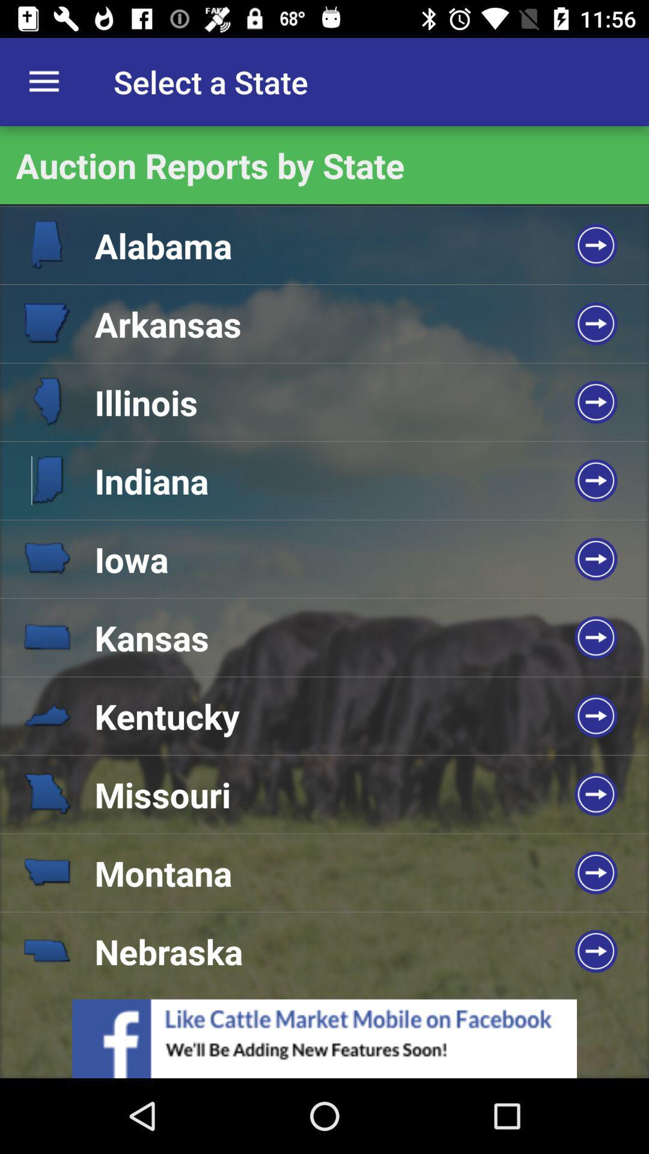  I want to click on the arrow right to missouri, so click(596, 794).